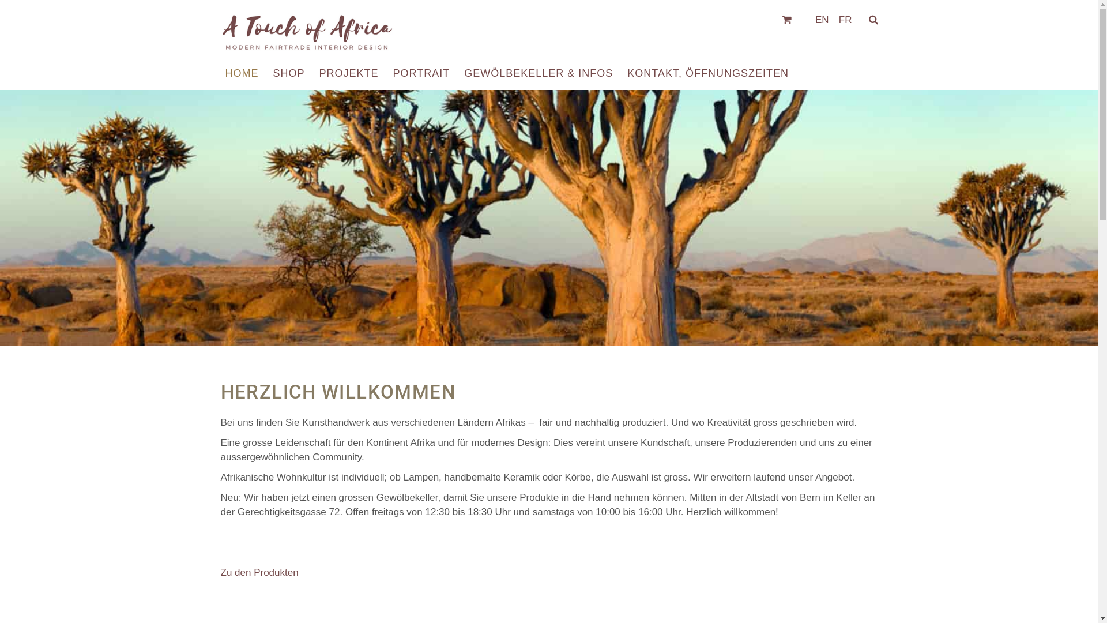 This screenshot has height=623, width=1107. I want to click on 'EN', so click(819, 20).